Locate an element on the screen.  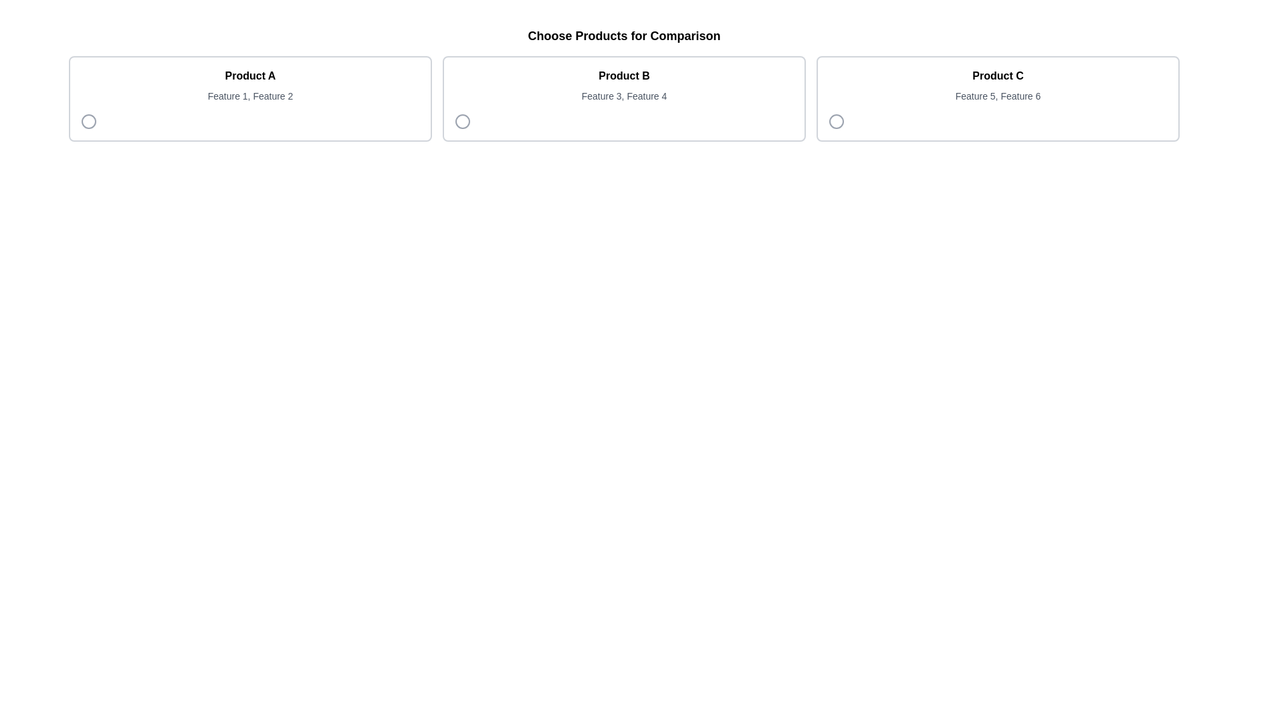
the label or static text that provides a summary of features associated with 'Product C', located below the 'Product C' header text is located at coordinates (998, 95).